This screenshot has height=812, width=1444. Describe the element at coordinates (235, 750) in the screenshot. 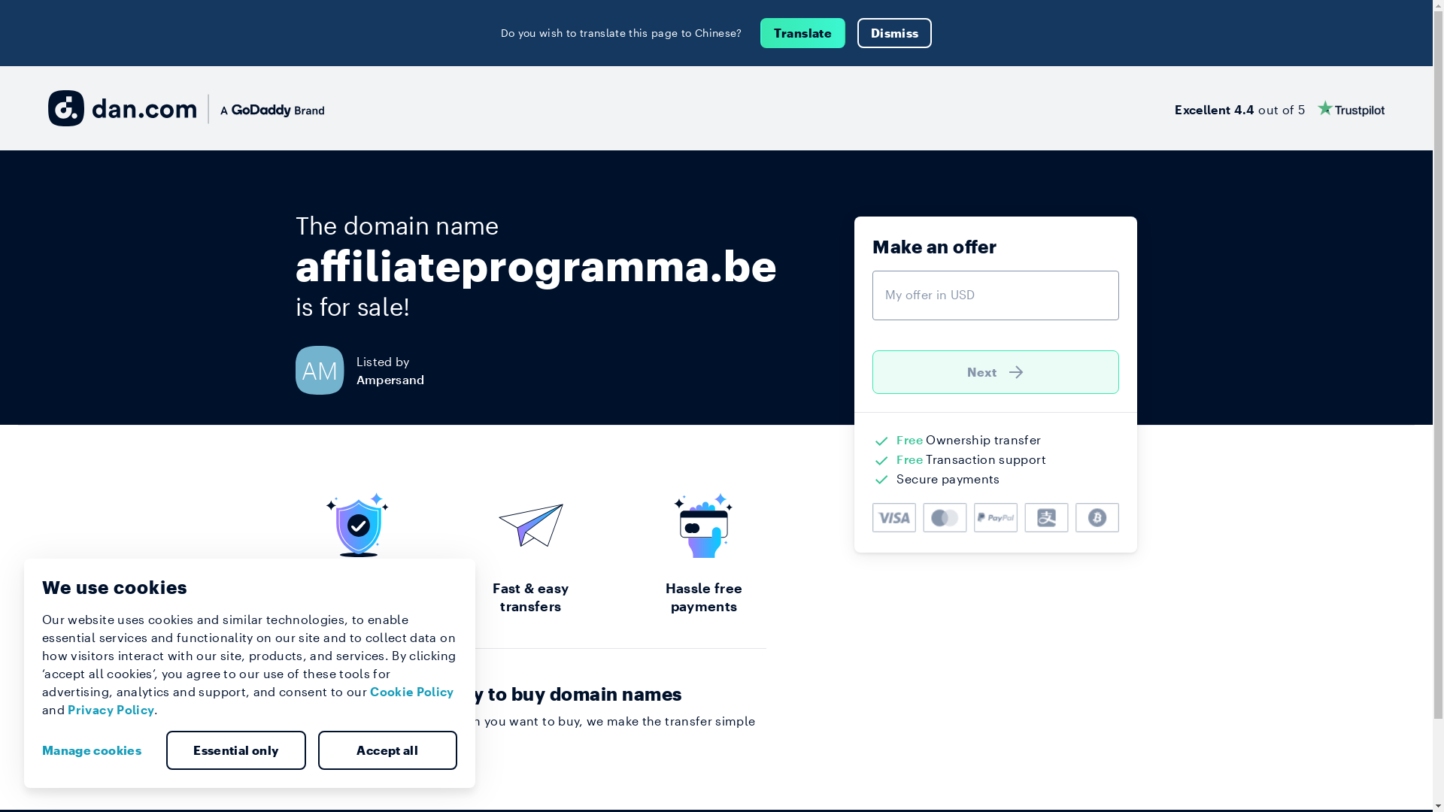

I see `'Essential only'` at that location.